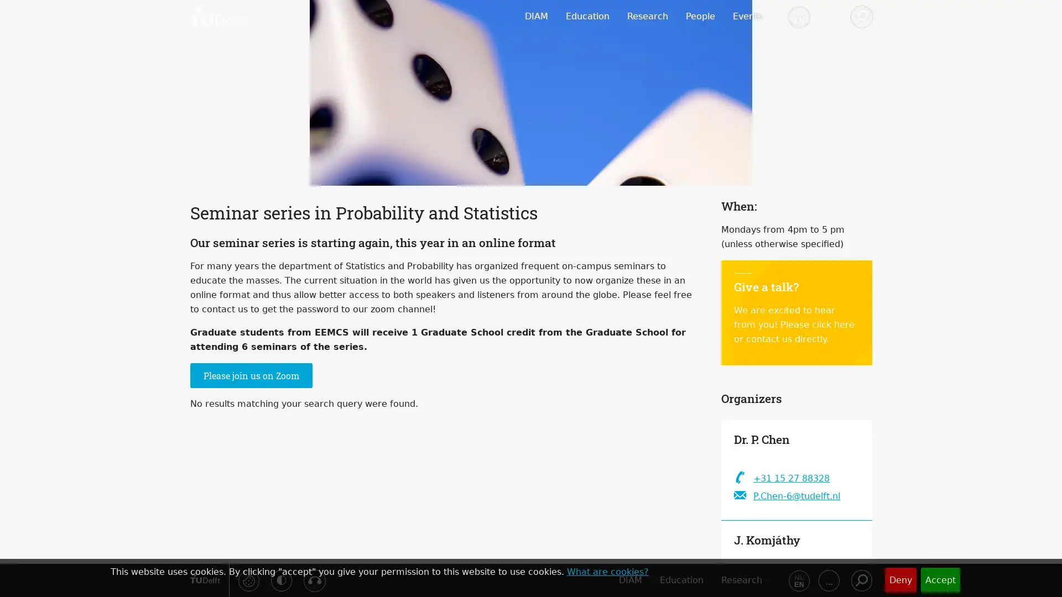 This screenshot has height=597, width=1062. What do you see at coordinates (860, 579) in the screenshot?
I see `Search` at bounding box center [860, 579].